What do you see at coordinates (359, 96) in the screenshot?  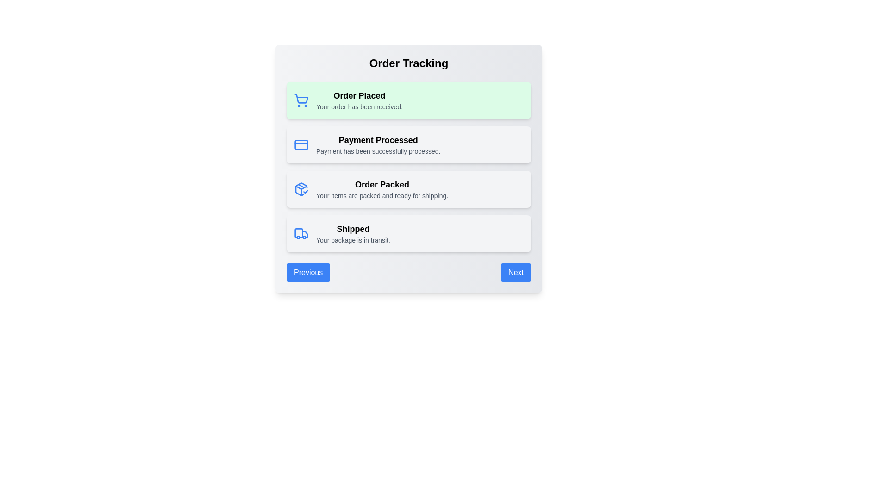 I see `the Text Label indicating that the order has been placed, which is part of the vertical list displaying order statuses in the centered green panel` at bounding box center [359, 96].